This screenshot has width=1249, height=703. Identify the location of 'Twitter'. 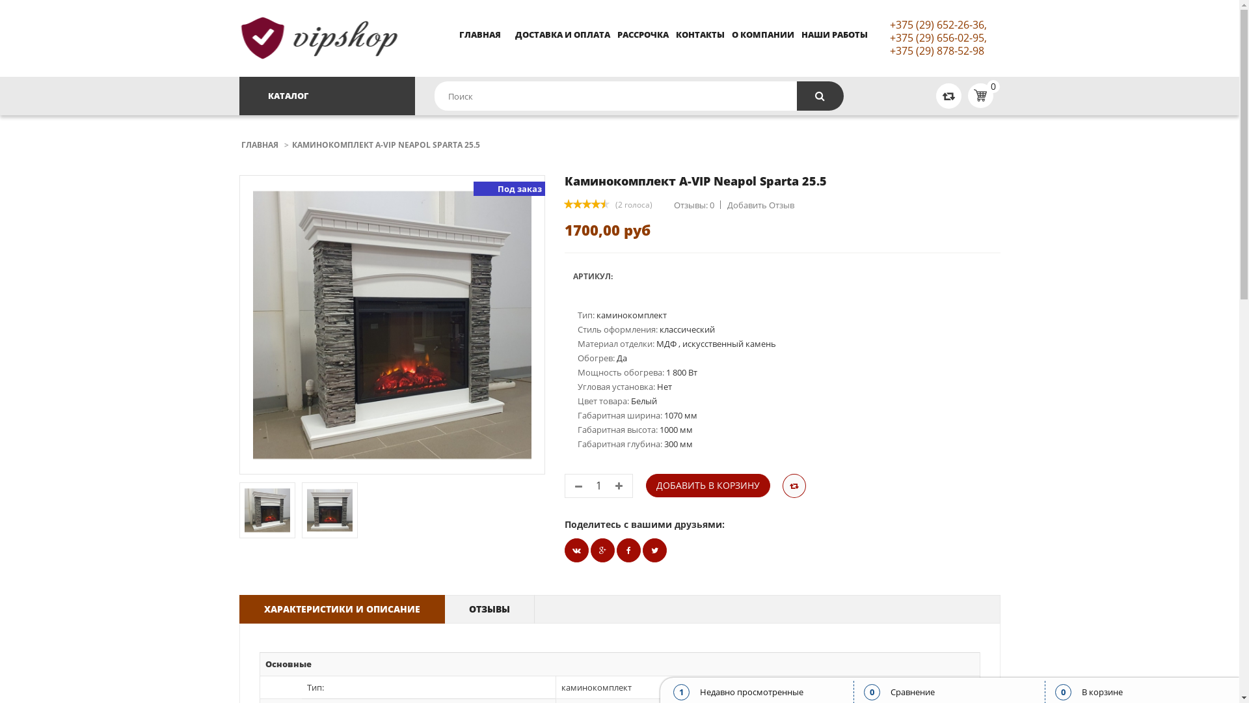
(576, 550).